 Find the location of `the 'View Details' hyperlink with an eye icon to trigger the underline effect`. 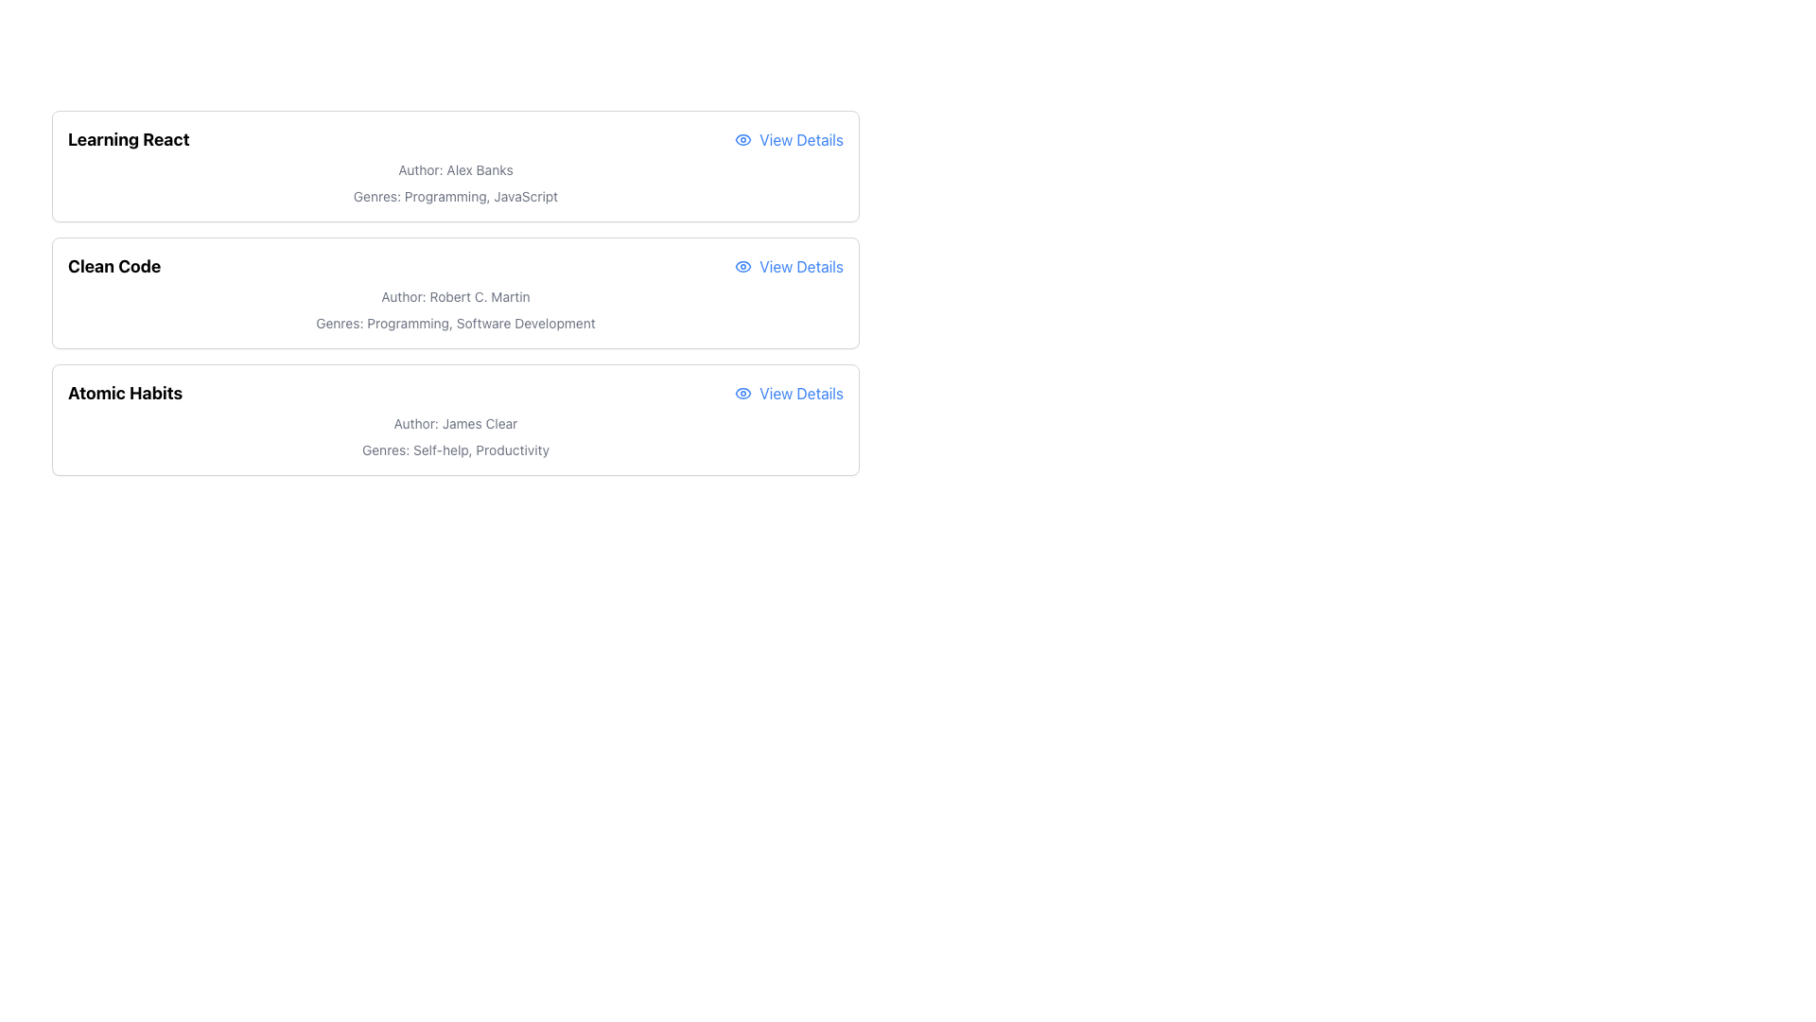

the 'View Details' hyperlink with an eye icon to trigger the underline effect is located at coordinates (789, 393).